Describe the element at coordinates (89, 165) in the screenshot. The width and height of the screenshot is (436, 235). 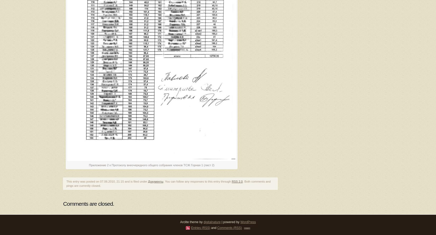
I see `'Приложение 2 к Протоколу внеочередного общего собрания членов ТСЖ Горная 1 (лист 2)'` at that location.